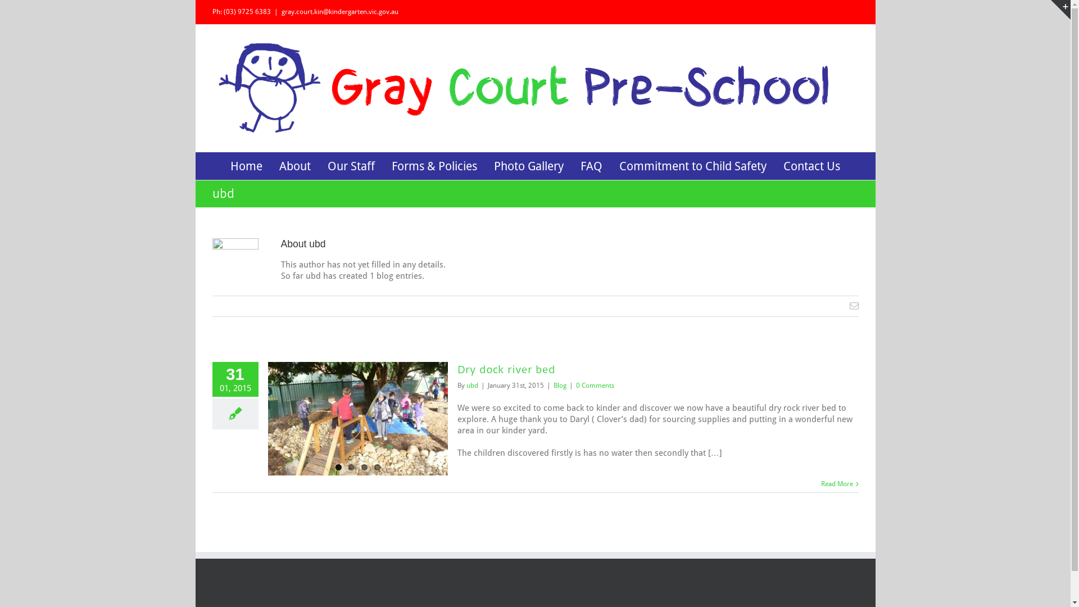  I want to click on '4', so click(377, 467).